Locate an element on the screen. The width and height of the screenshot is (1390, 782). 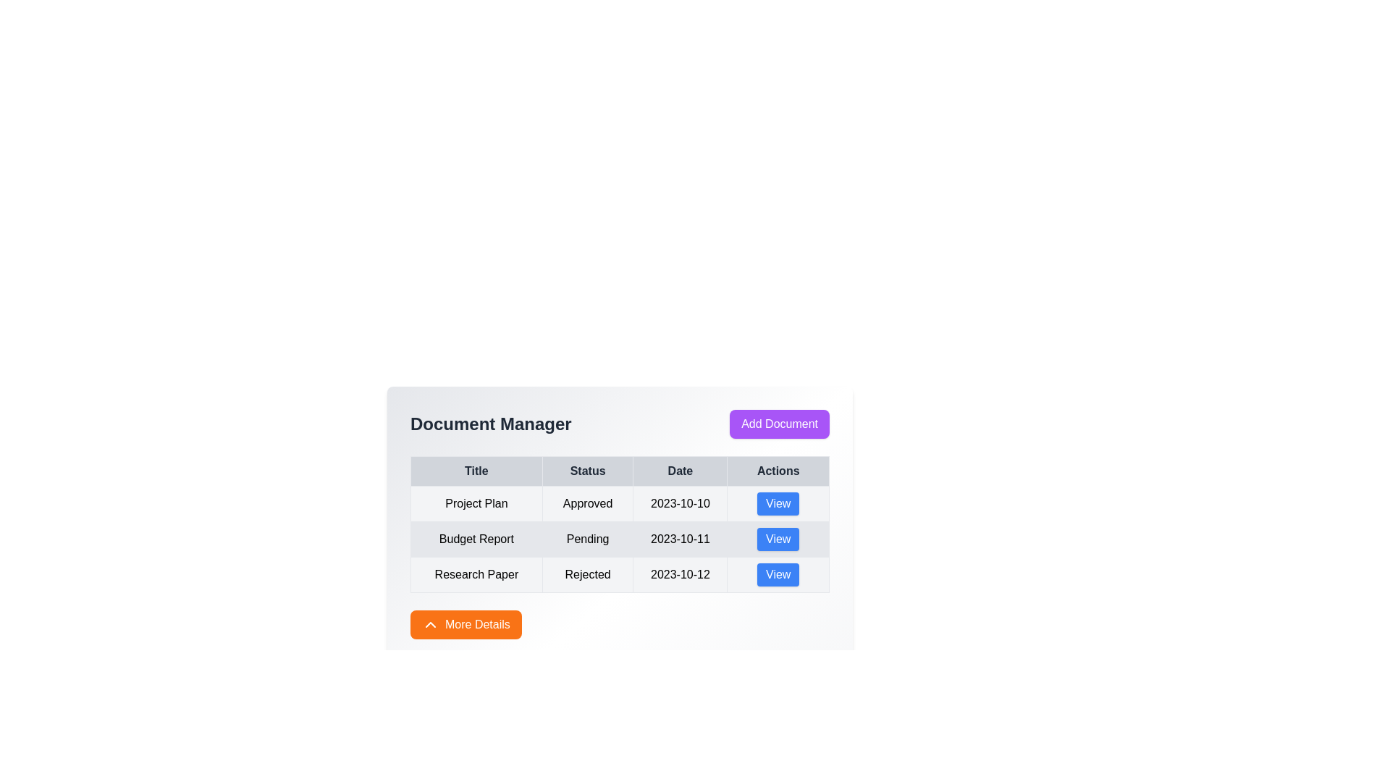
the blue button labeled 'View' located in the last column under the 'Actions' header for the 'Research Paper' row is located at coordinates (778, 574).